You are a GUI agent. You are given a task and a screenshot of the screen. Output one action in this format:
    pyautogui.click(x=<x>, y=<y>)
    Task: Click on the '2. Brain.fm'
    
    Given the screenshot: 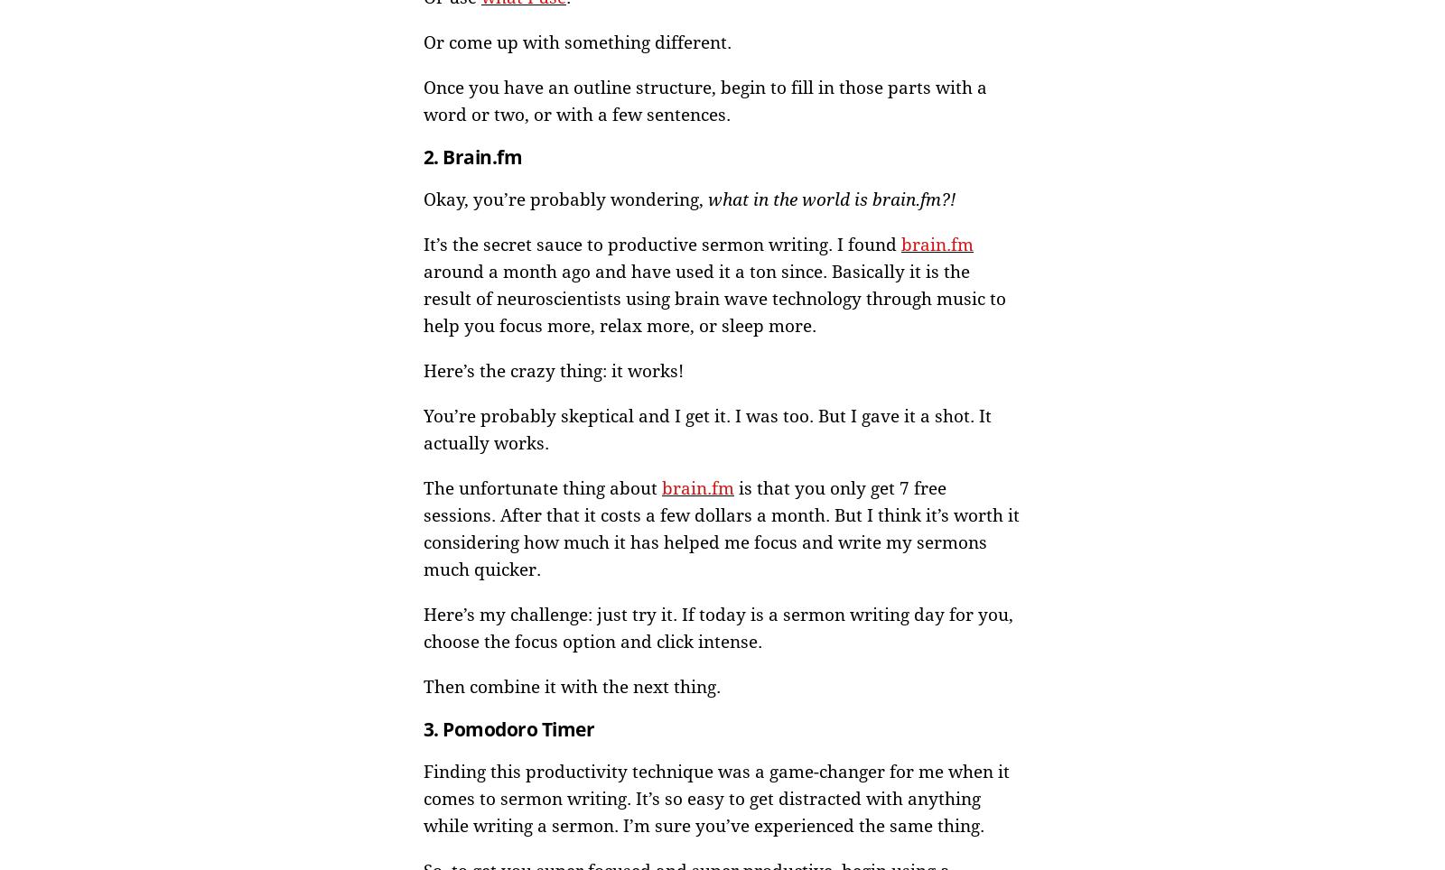 What is the action you would take?
    pyautogui.click(x=422, y=156)
    